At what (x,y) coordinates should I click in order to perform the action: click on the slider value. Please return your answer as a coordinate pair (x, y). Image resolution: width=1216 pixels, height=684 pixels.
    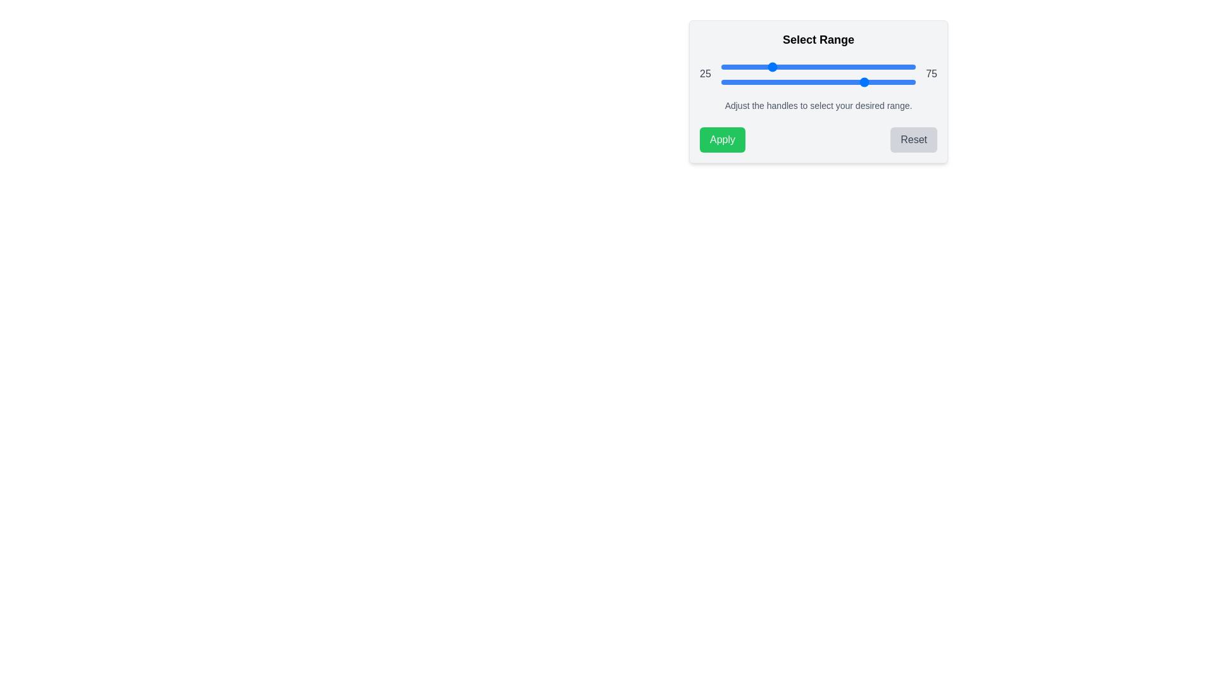
    Looking at the image, I should click on (907, 82).